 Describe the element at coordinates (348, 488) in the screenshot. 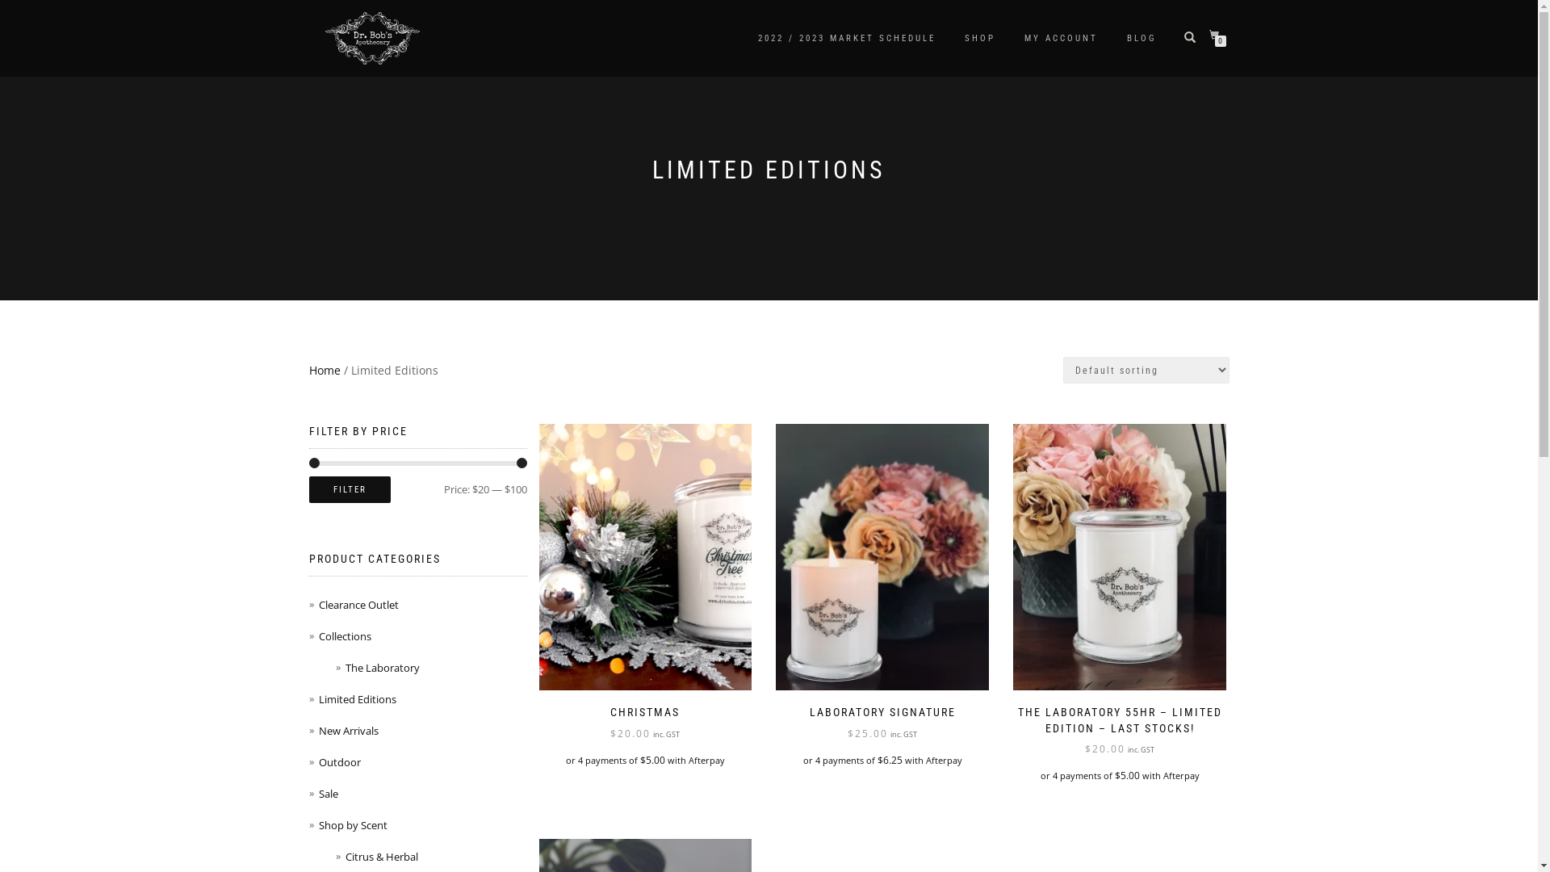

I see `'FILTER'` at that location.